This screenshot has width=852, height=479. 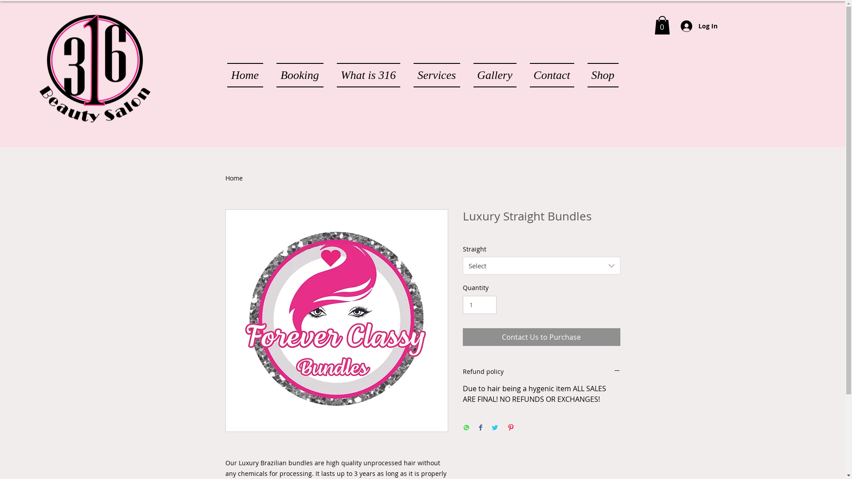 What do you see at coordinates (662, 25) in the screenshot?
I see `'0'` at bounding box center [662, 25].